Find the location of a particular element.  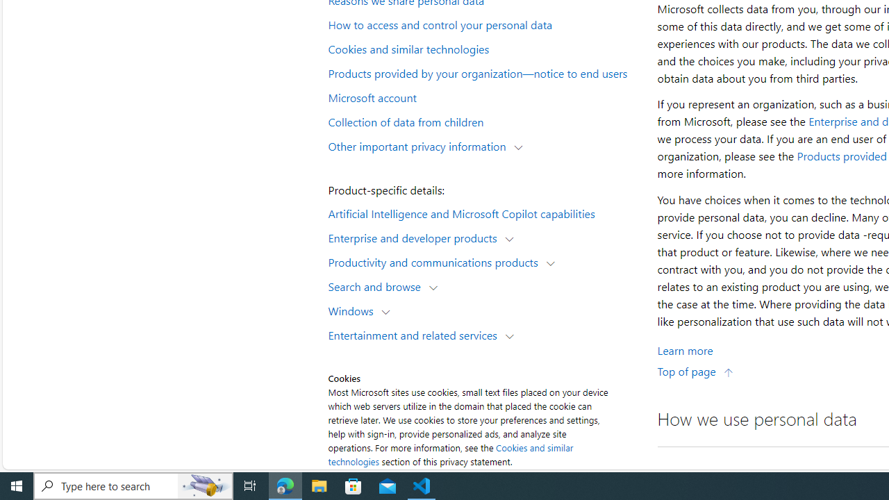

'Microsoft account' is located at coordinates (483, 96).